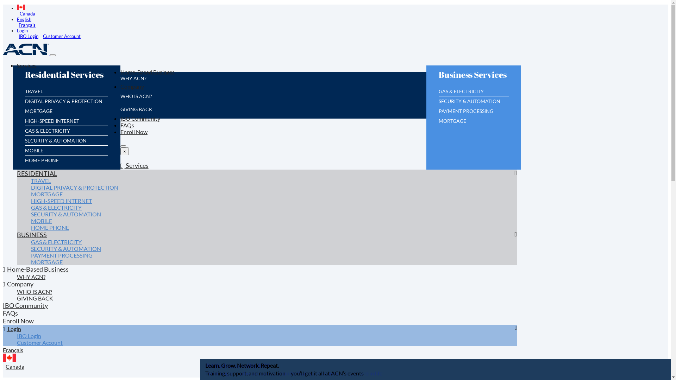  I want to click on 'HIGH-SPEED INTERNET', so click(61, 203).